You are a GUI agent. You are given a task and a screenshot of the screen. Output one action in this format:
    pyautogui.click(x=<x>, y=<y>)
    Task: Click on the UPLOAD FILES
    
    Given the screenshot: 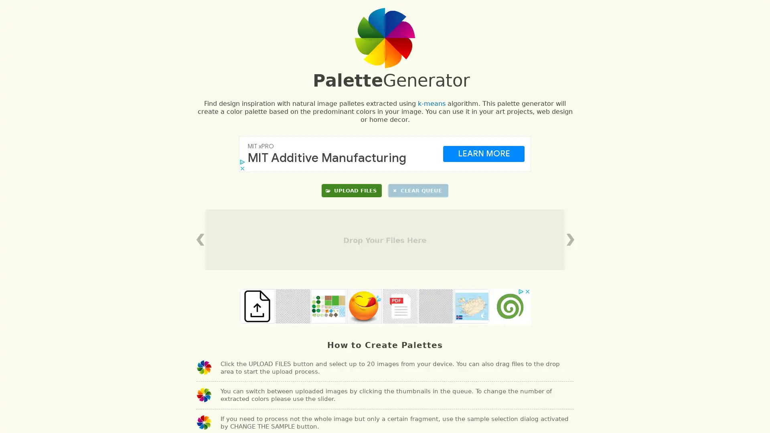 What is the action you would take?
    pyautogui.click(x=352, y=190)
    